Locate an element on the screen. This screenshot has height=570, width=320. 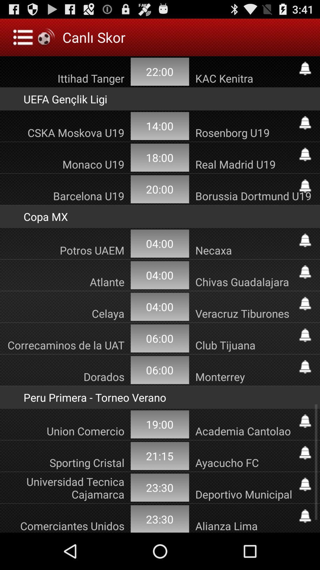
alerts is located at coordinates (305, 367).